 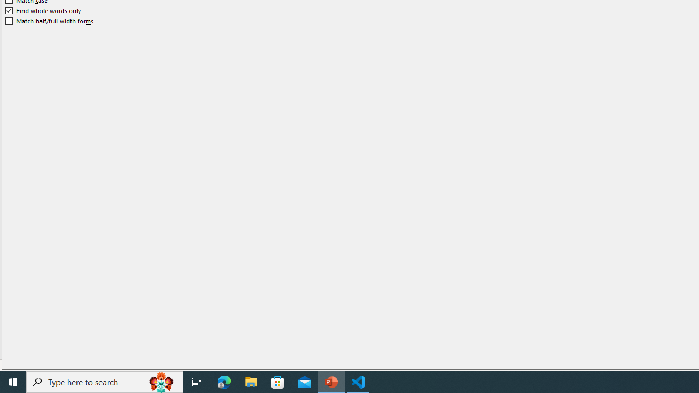 I want to click on 'Match half/full width forms', so click(x=49, y=21).